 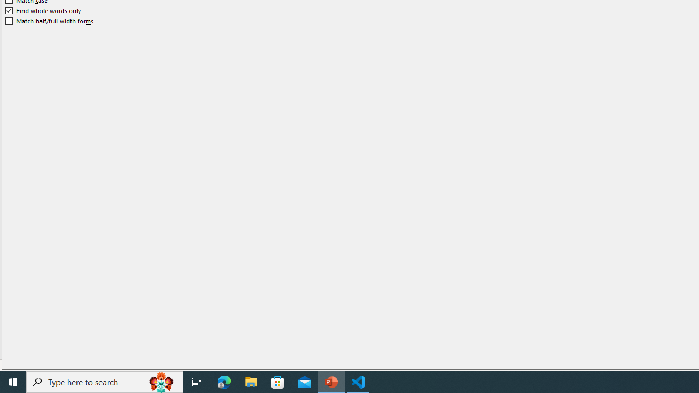 I want to click on 'Match half/full width forms', so click(x=49, y=21).